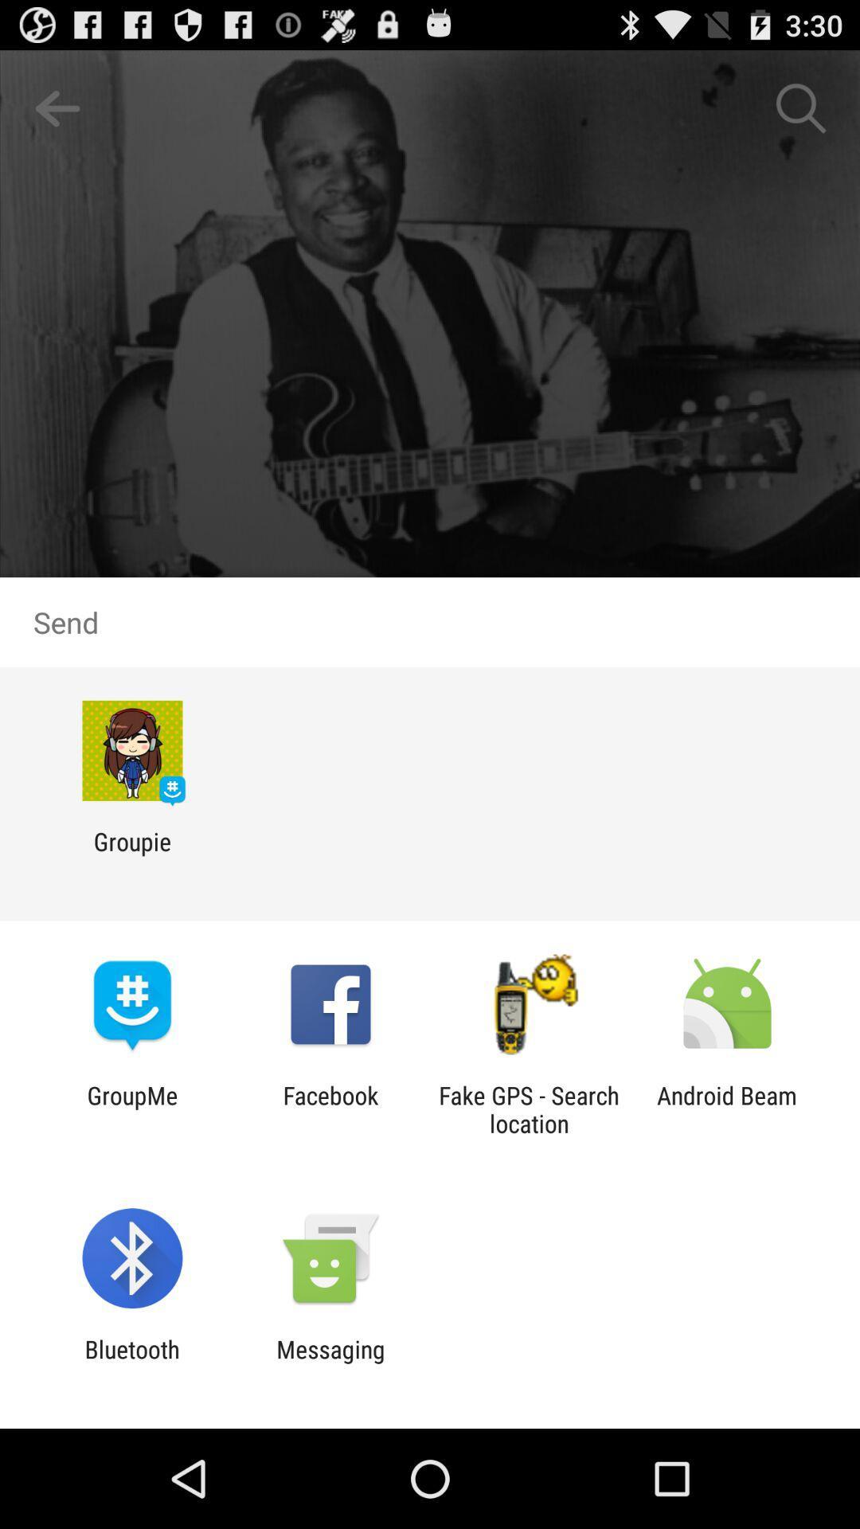 This screenshot has height=1529, width=860. Describe the element at coordinates (131, 1363) in the screenshot. I see `the item next to the messaging app` at that location.